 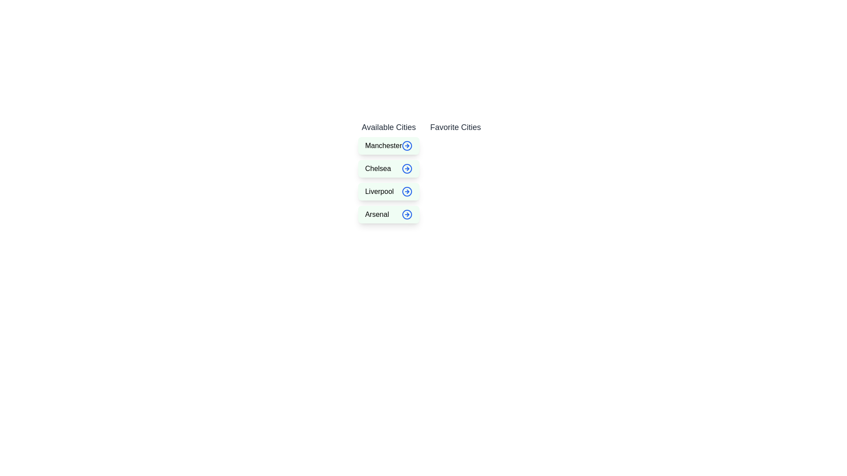 I want to click on right arrow button next to the city Manchester in the 'Available Cities' list, so click(x=407, y=145).